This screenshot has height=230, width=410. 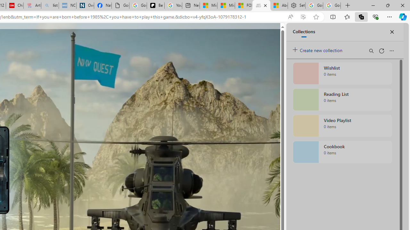 What do you see at coordinates (387, 5) in the screenshot?
I see `'Restore'` at bounding box center [387, 5].